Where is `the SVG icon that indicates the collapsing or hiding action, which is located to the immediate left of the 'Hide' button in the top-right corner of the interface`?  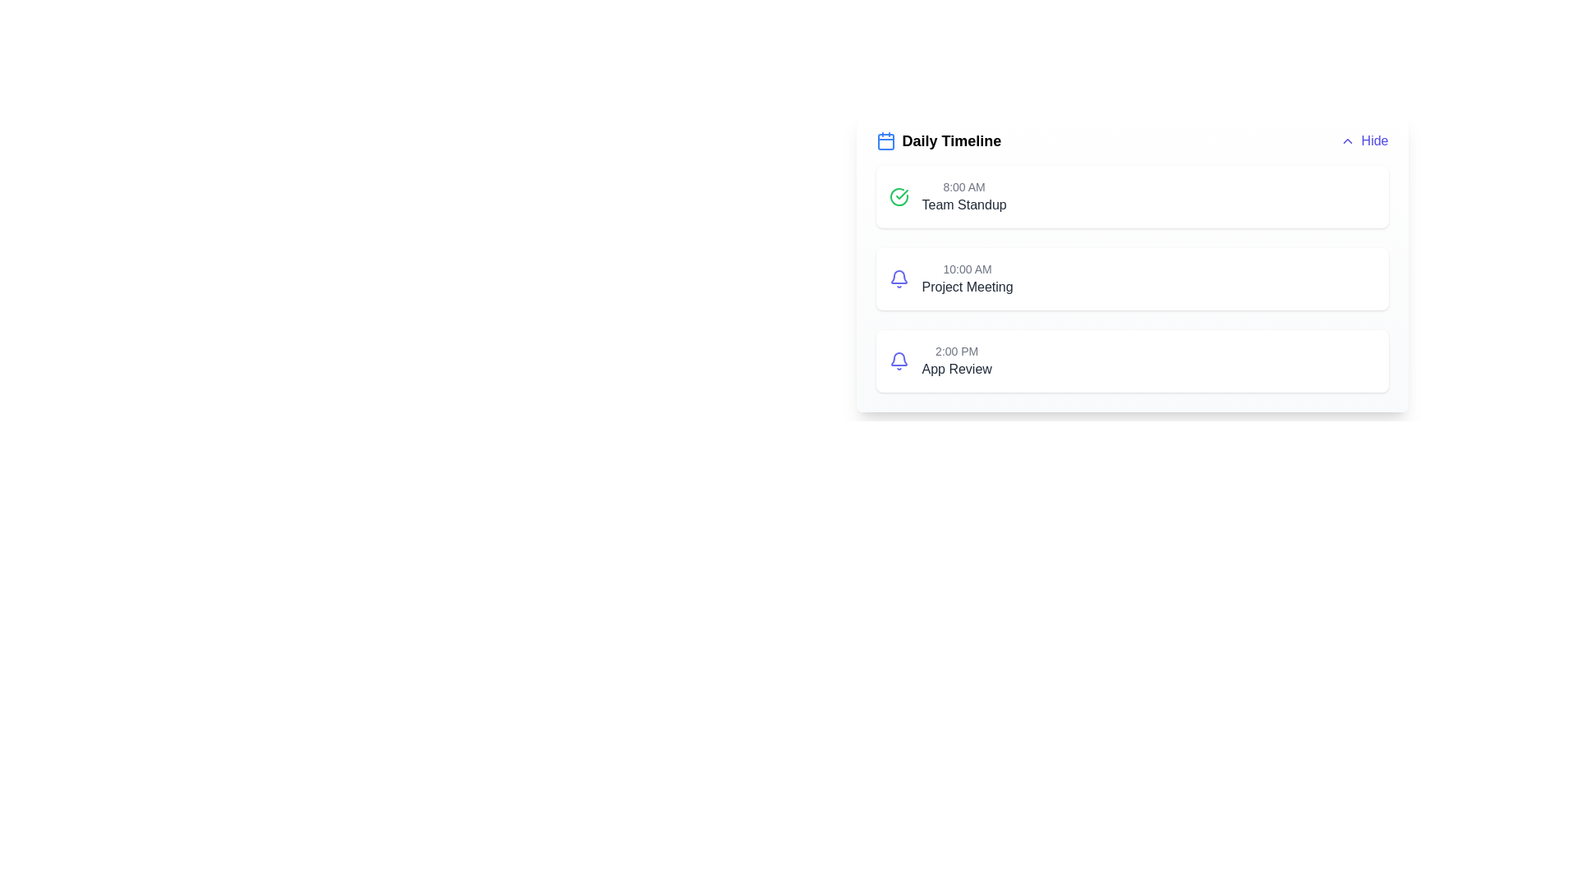 the SVG icon that indicates the collapsing or hiding action, which is located to the immediate left of the 'Hide' button in the top-right corner of the interface is located at coordinates (1347, 140).